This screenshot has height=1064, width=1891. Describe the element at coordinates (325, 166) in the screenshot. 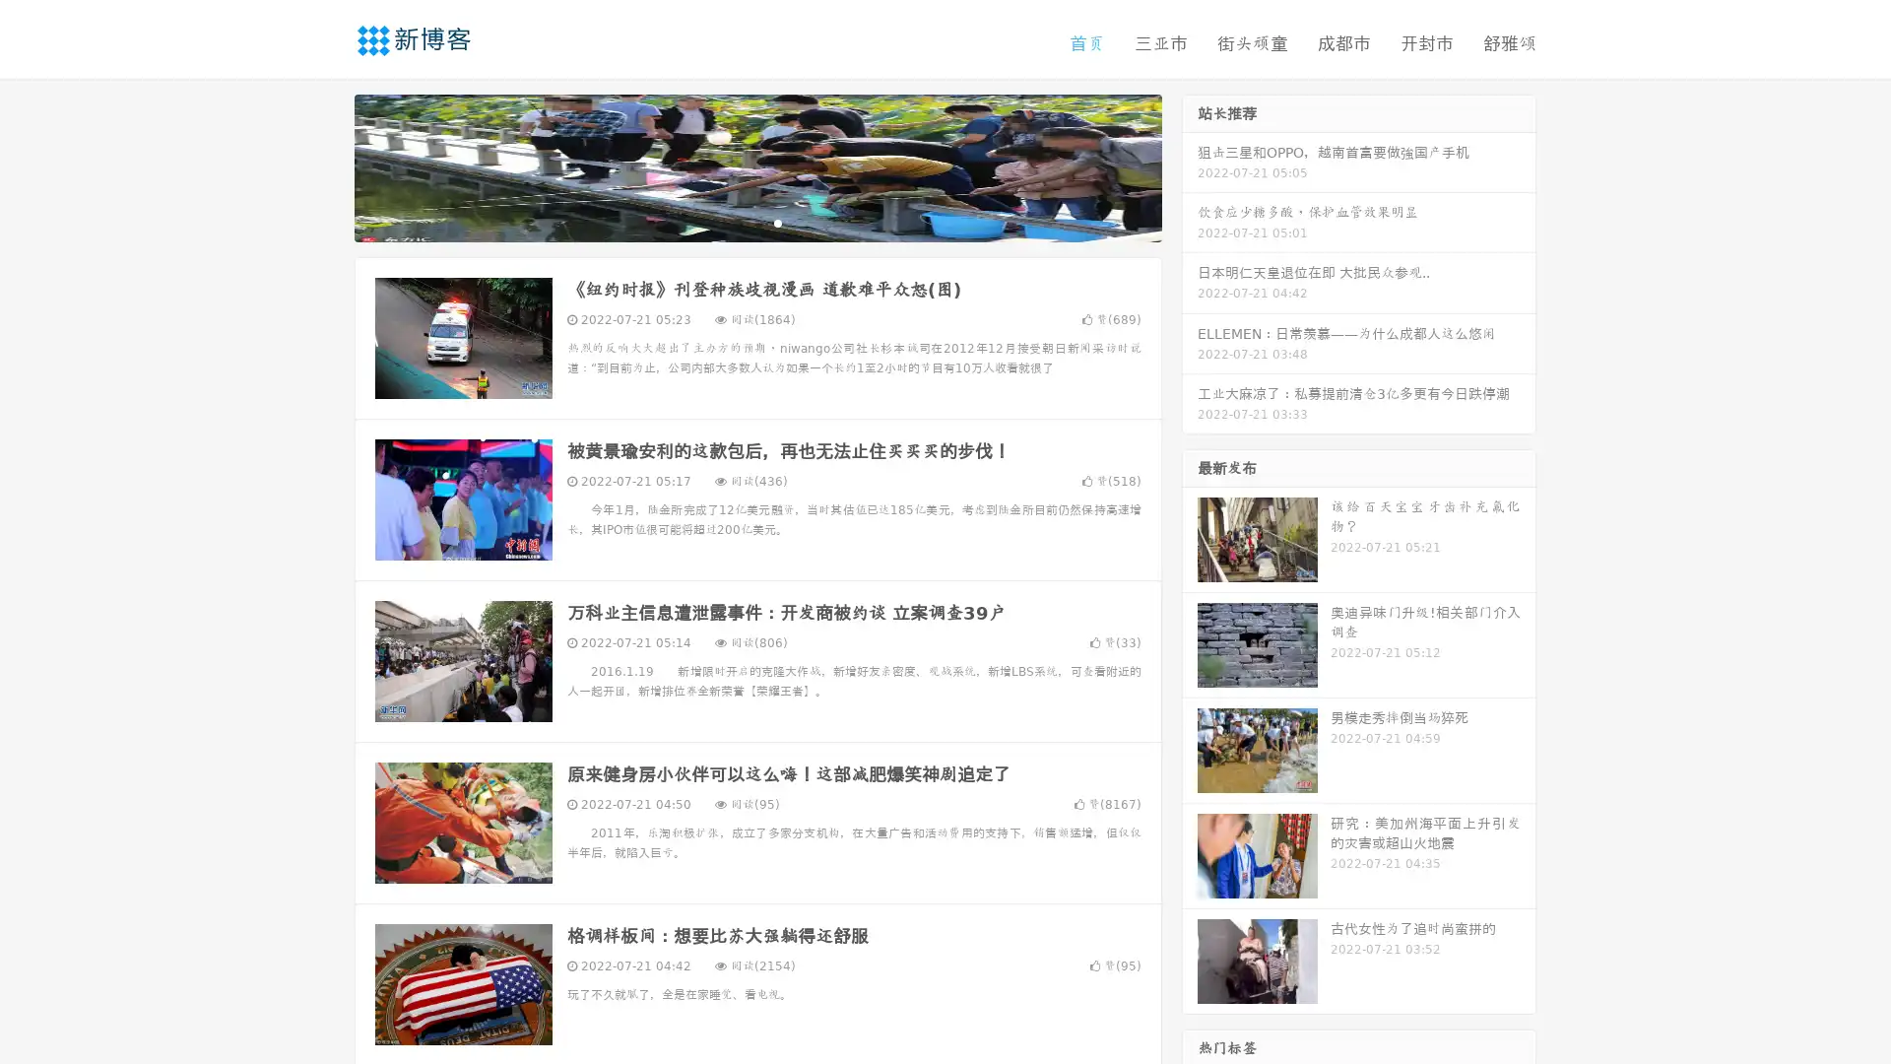

I see `Previous slide` at that location.